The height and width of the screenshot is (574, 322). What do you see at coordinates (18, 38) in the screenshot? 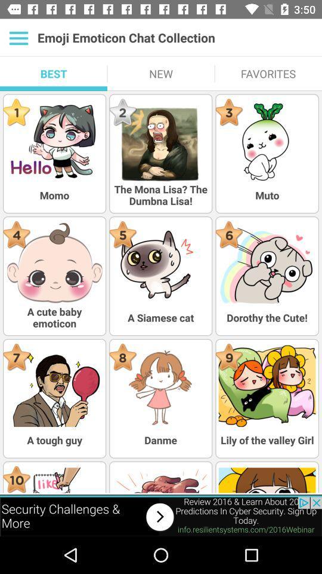
I see `a menu` at bounding box center [18, 38].